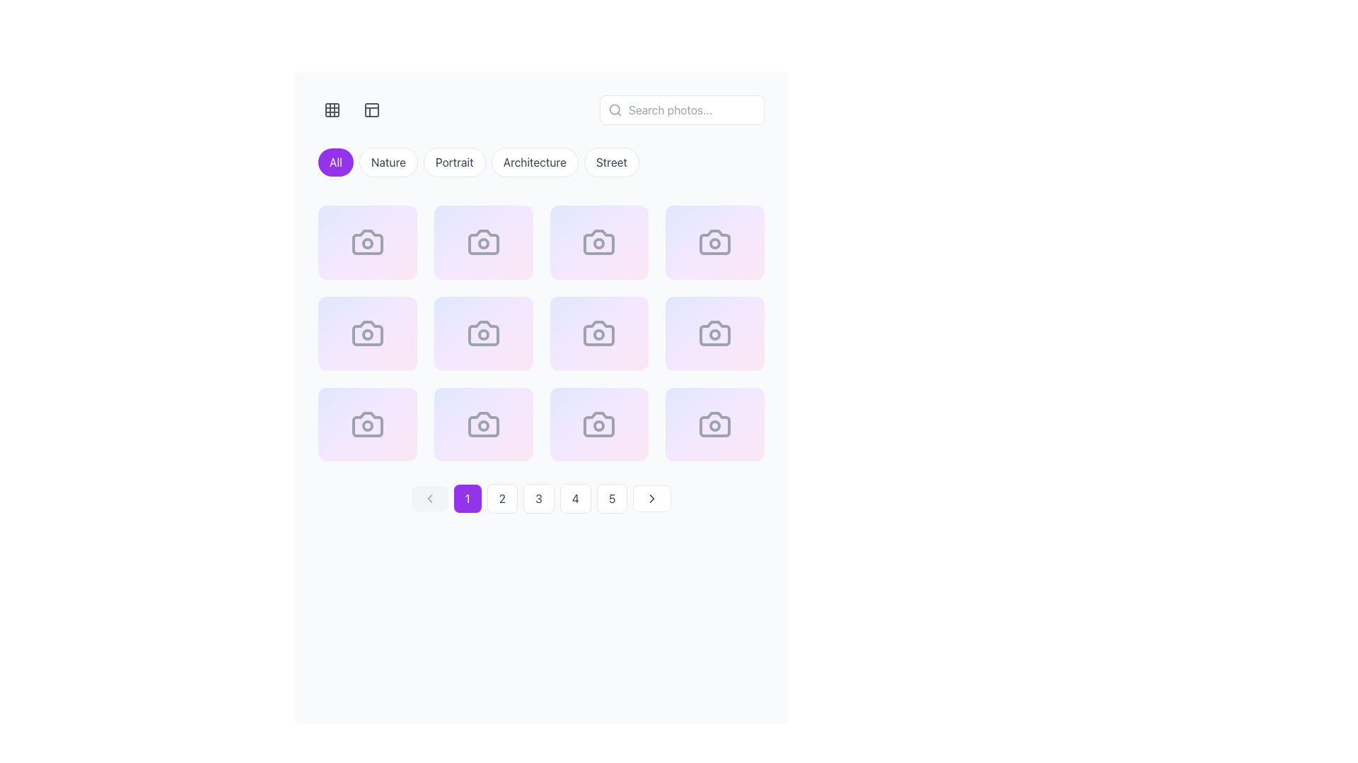 The height and width of the screenshot is (763, 1358). I want to click on the Display Card, which is a rectangular card with rounded corners featuring a gradient background and a gray outlined camera icon at its center, located as the second card in the top row of a grid layout, so click(483, 242).